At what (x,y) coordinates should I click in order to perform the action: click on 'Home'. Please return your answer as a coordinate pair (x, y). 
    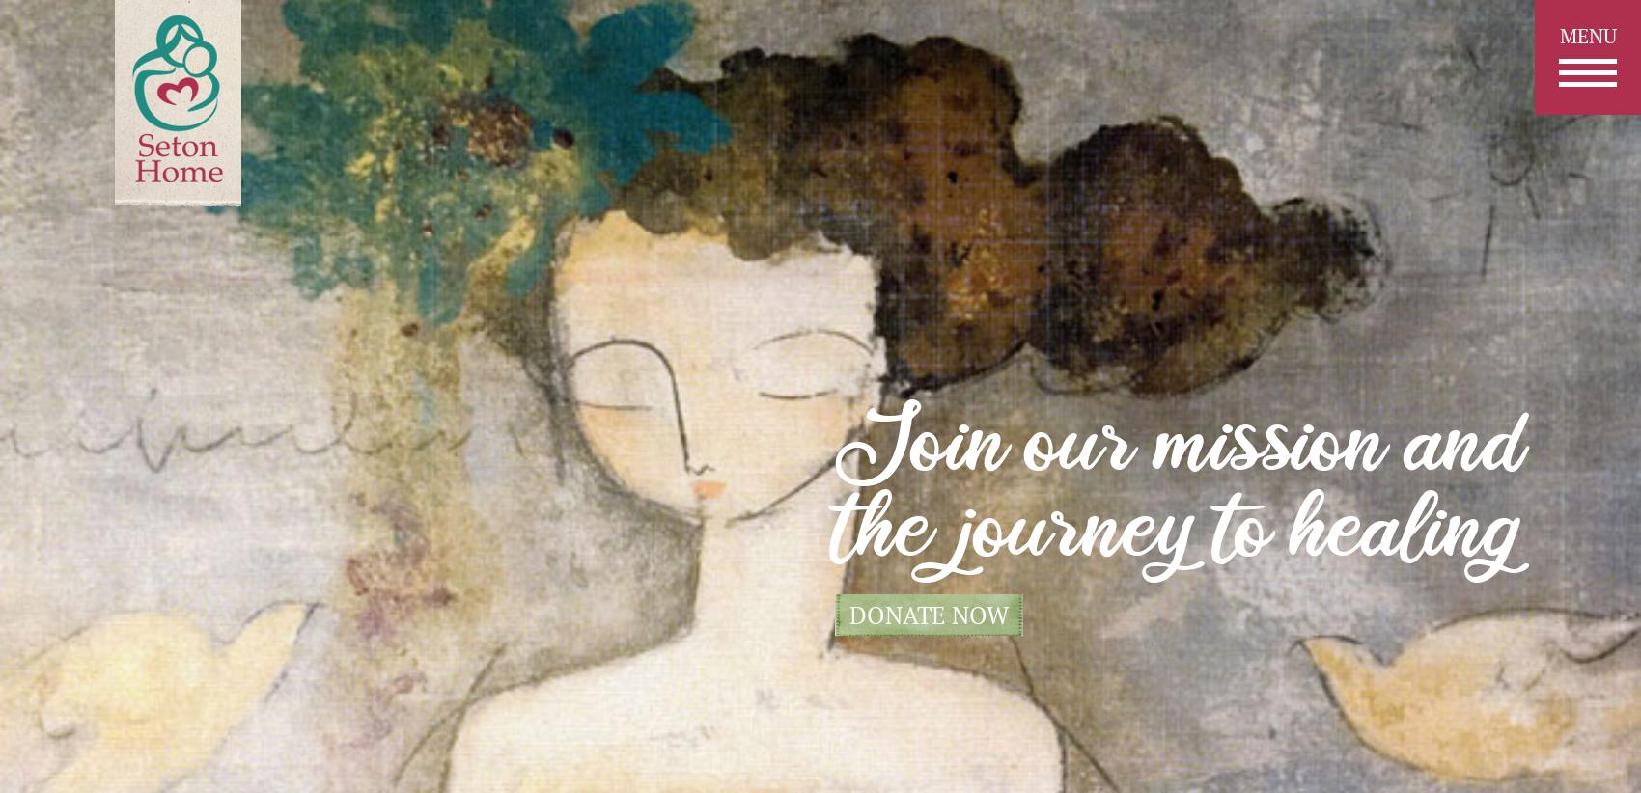
    Looking at the image, I should click on (777, 271).